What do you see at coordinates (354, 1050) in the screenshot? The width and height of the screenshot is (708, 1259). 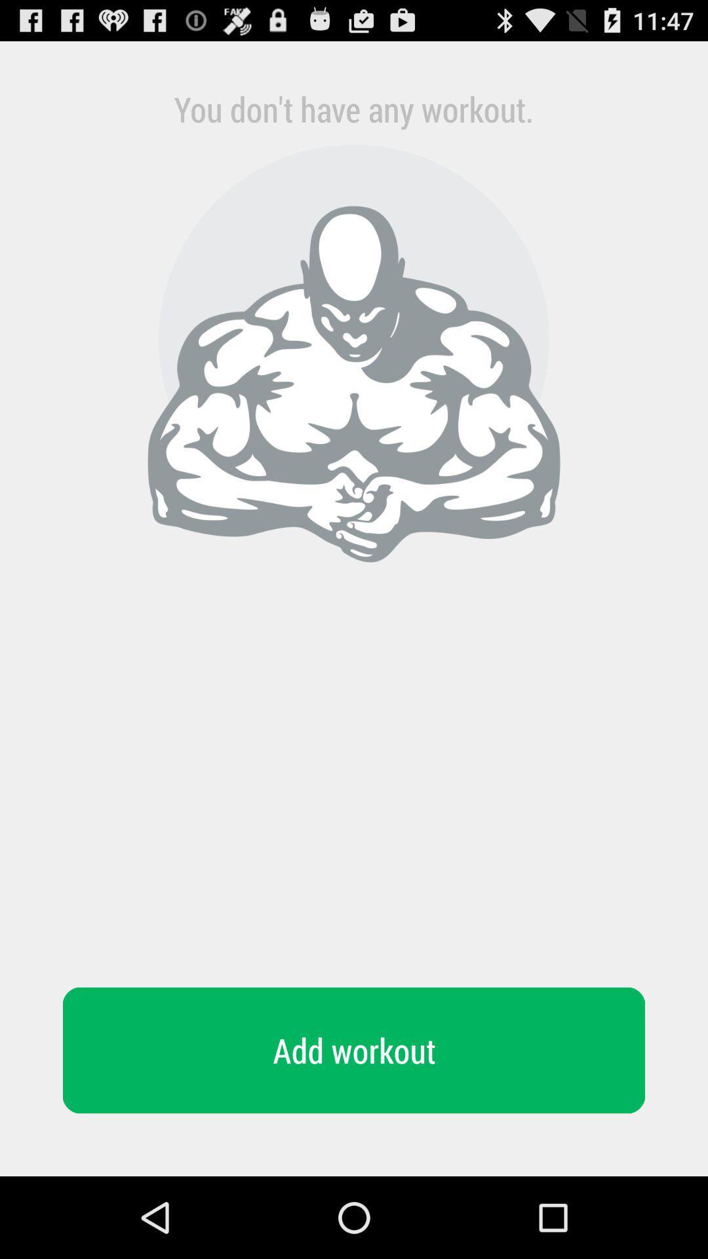 I see `add workout button` at bounding box center [354, 1050].